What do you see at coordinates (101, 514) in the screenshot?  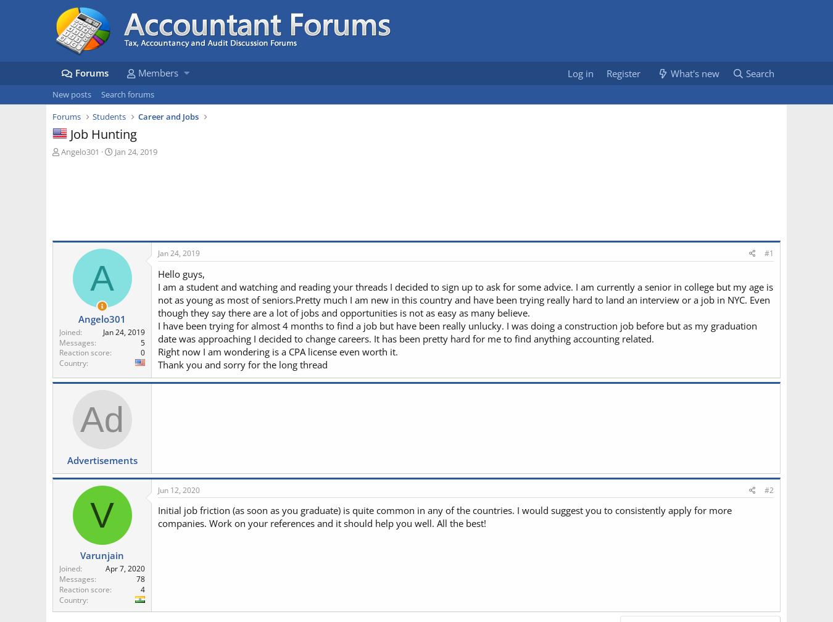 I see `'V'` at bounding box center [101, 514].